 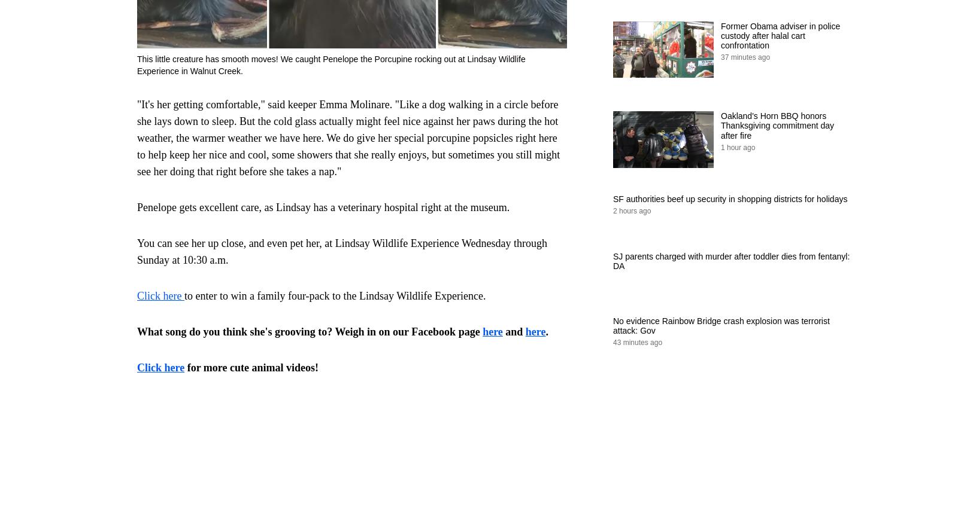 What do you see at coordinates (637, 342) in the screenshot?
I see `'43 minutes ago'` at bounding box center [637, 342].